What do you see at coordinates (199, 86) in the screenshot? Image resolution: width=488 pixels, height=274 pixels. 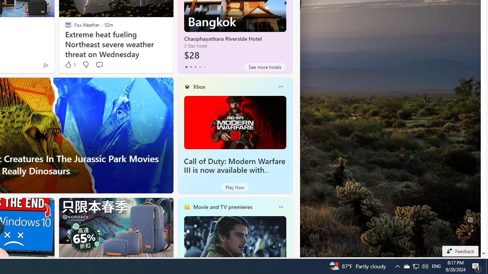 I see `'Xbox'` at bounding box center [199, 86].